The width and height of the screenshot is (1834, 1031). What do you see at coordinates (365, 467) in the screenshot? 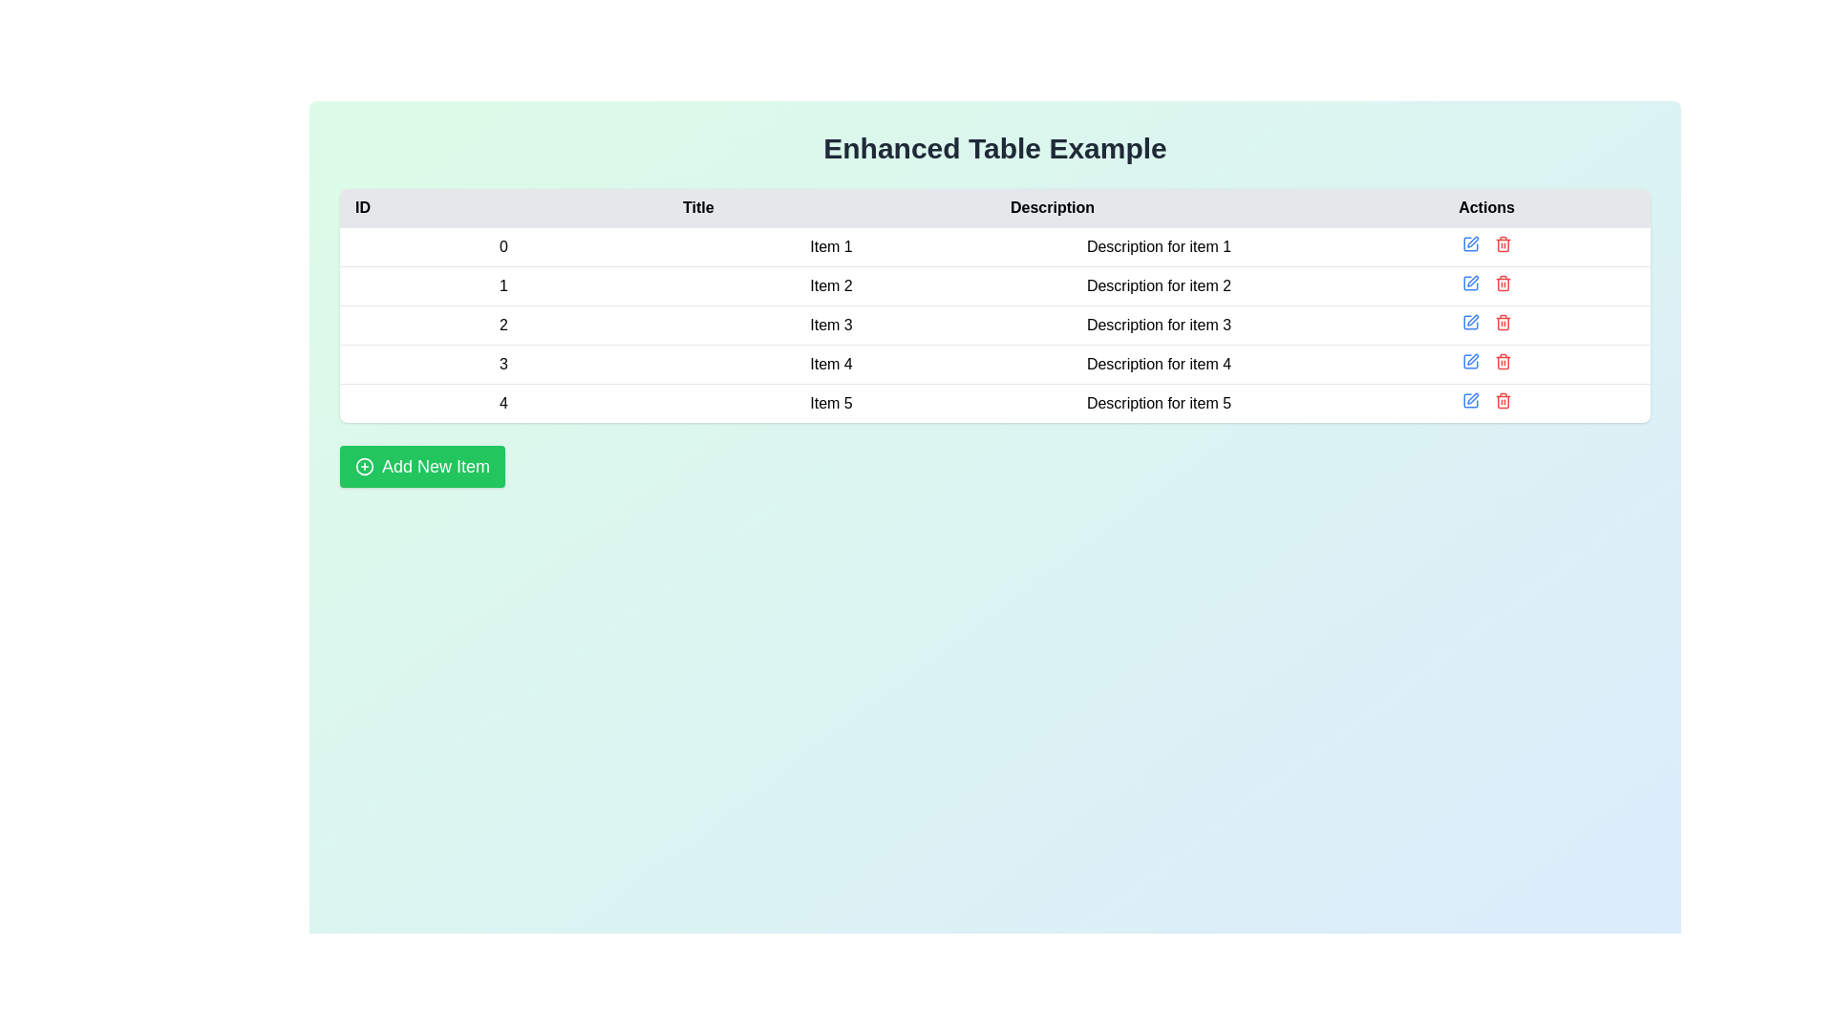
I see `the circular green icon with a plus sign, located to the left of the 'Add New Item' text, near the bottom left of the page` at bounding box center [365, 467].